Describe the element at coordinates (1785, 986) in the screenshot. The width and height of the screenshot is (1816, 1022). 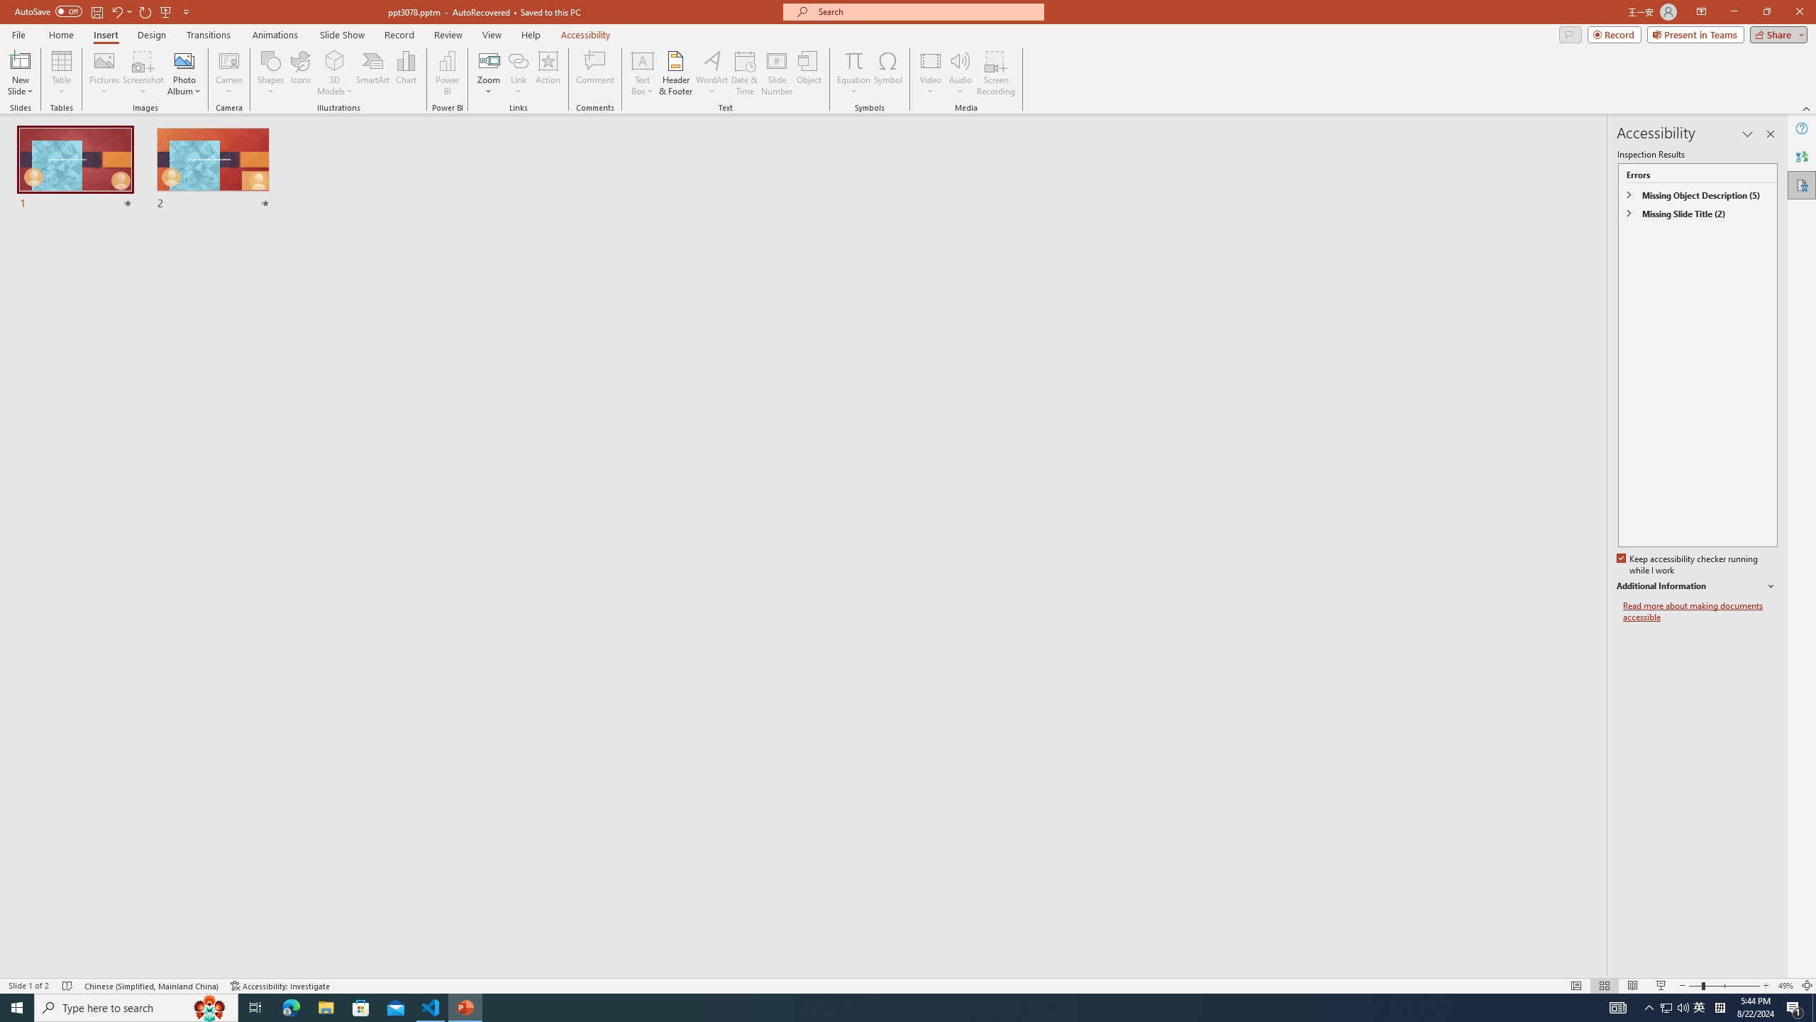
I see `'Zoom 49%'` at that location.